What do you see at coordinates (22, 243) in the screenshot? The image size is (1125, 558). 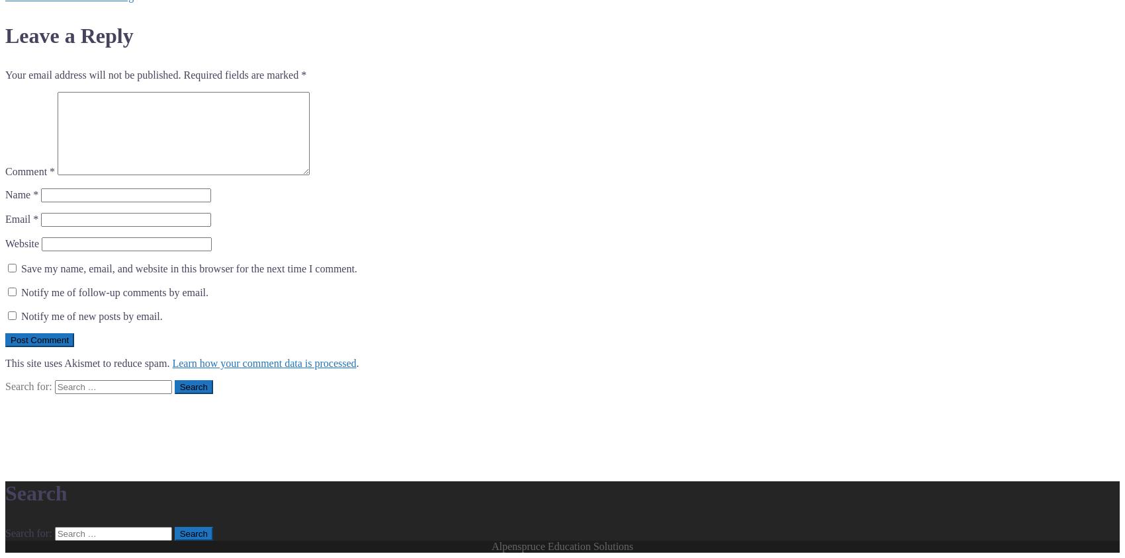 I see `'Website'` at bounding box center [22, 243].